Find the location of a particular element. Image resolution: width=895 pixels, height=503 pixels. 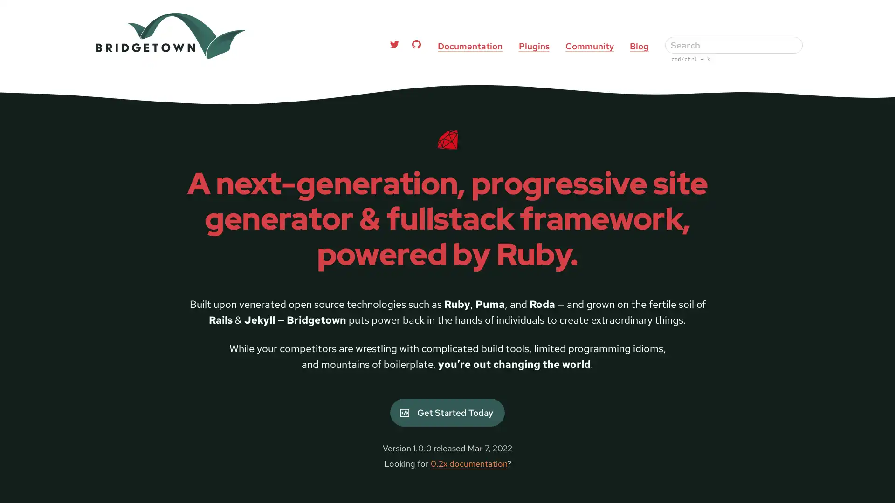

Get Started Today is located at coordinates (447, 412).